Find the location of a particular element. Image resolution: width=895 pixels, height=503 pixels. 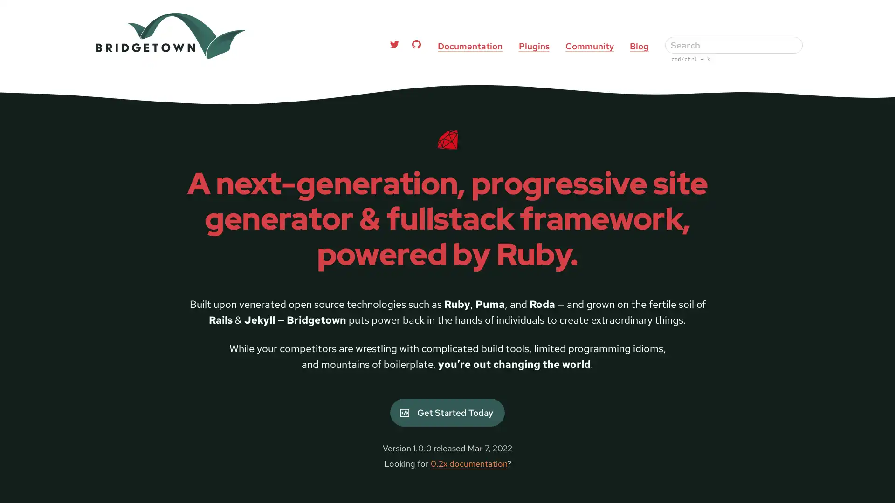

Get Started Today is located at coordinates (447, 412).